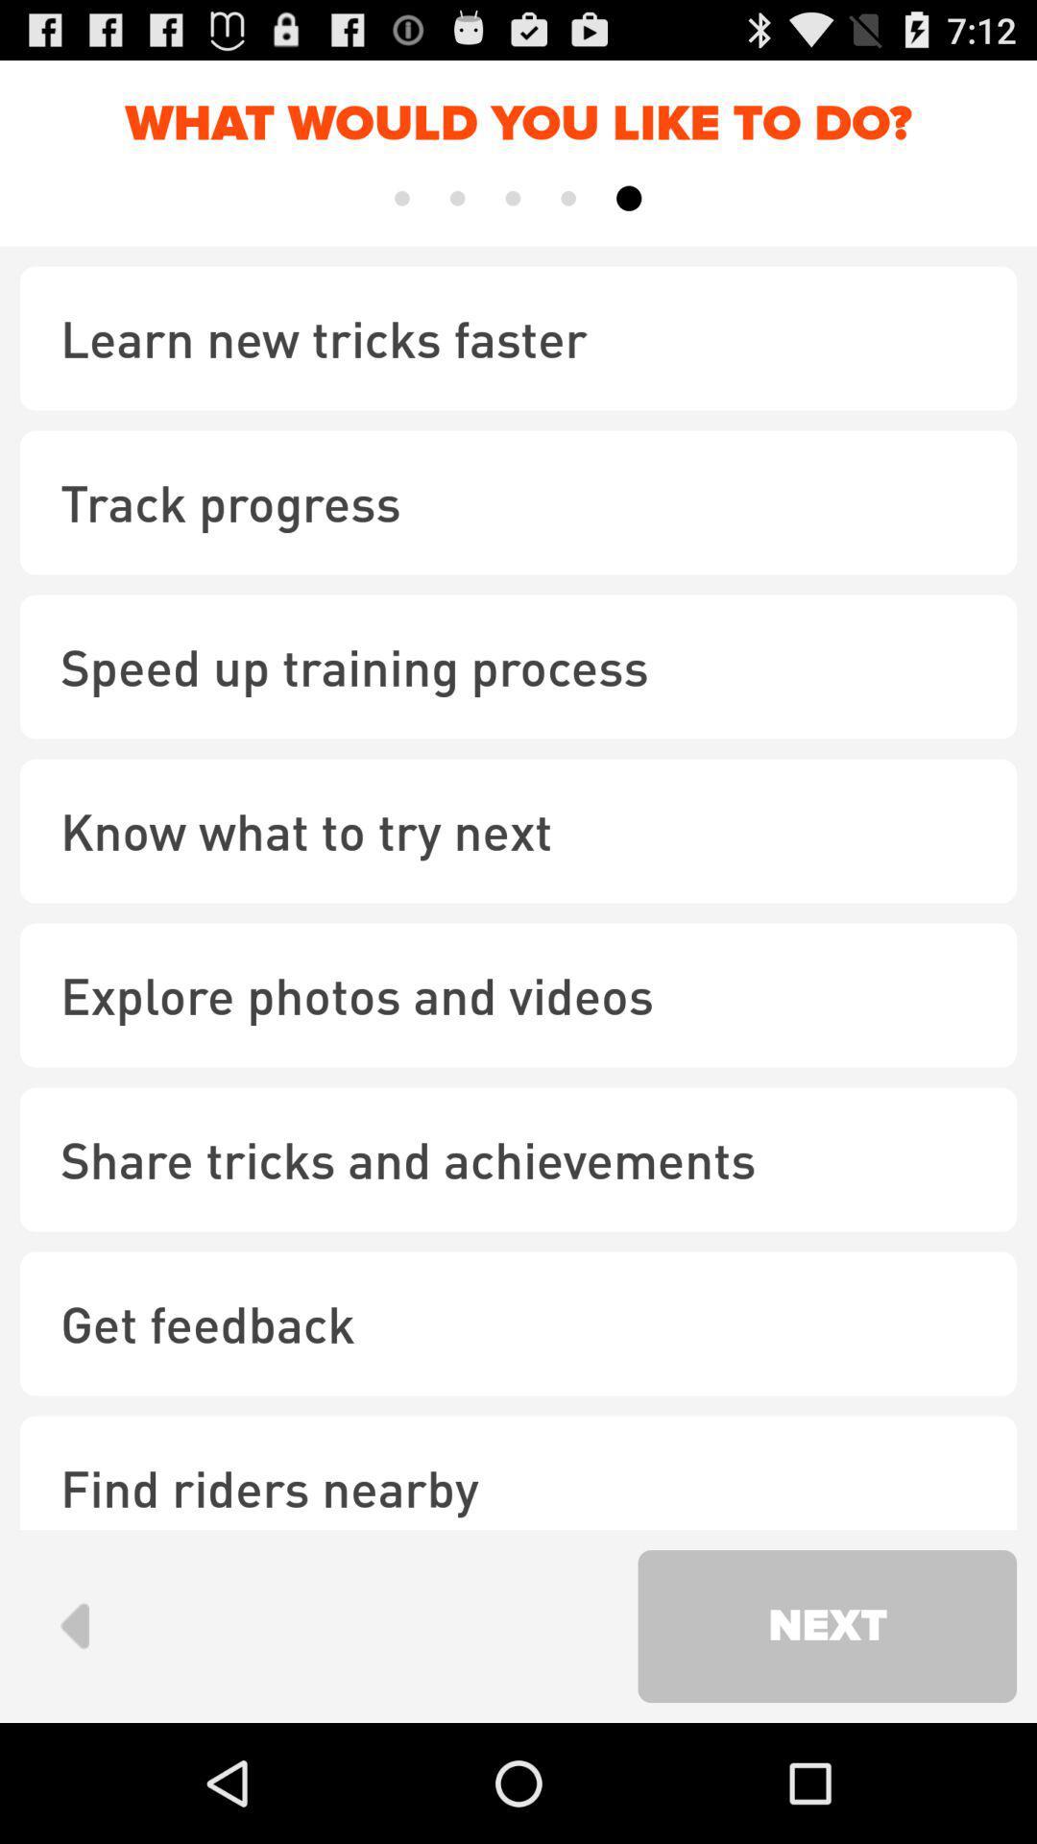 The height and width of the screenshot is (1844, 1037). I want to click on checkbox above the speed up training, so click(518, 502).